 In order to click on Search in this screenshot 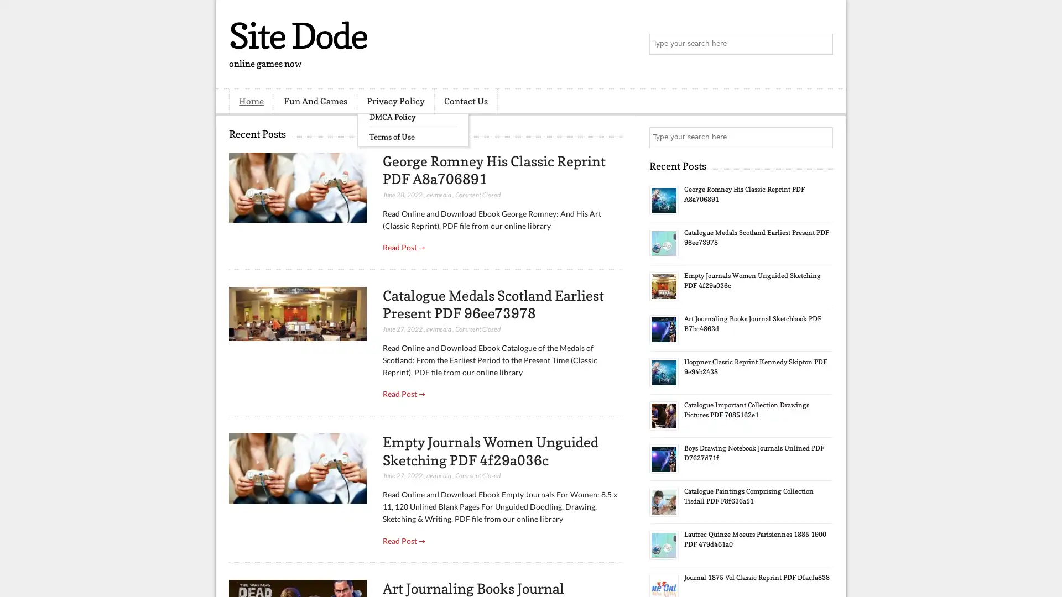, I will do `click(821, 44)`.